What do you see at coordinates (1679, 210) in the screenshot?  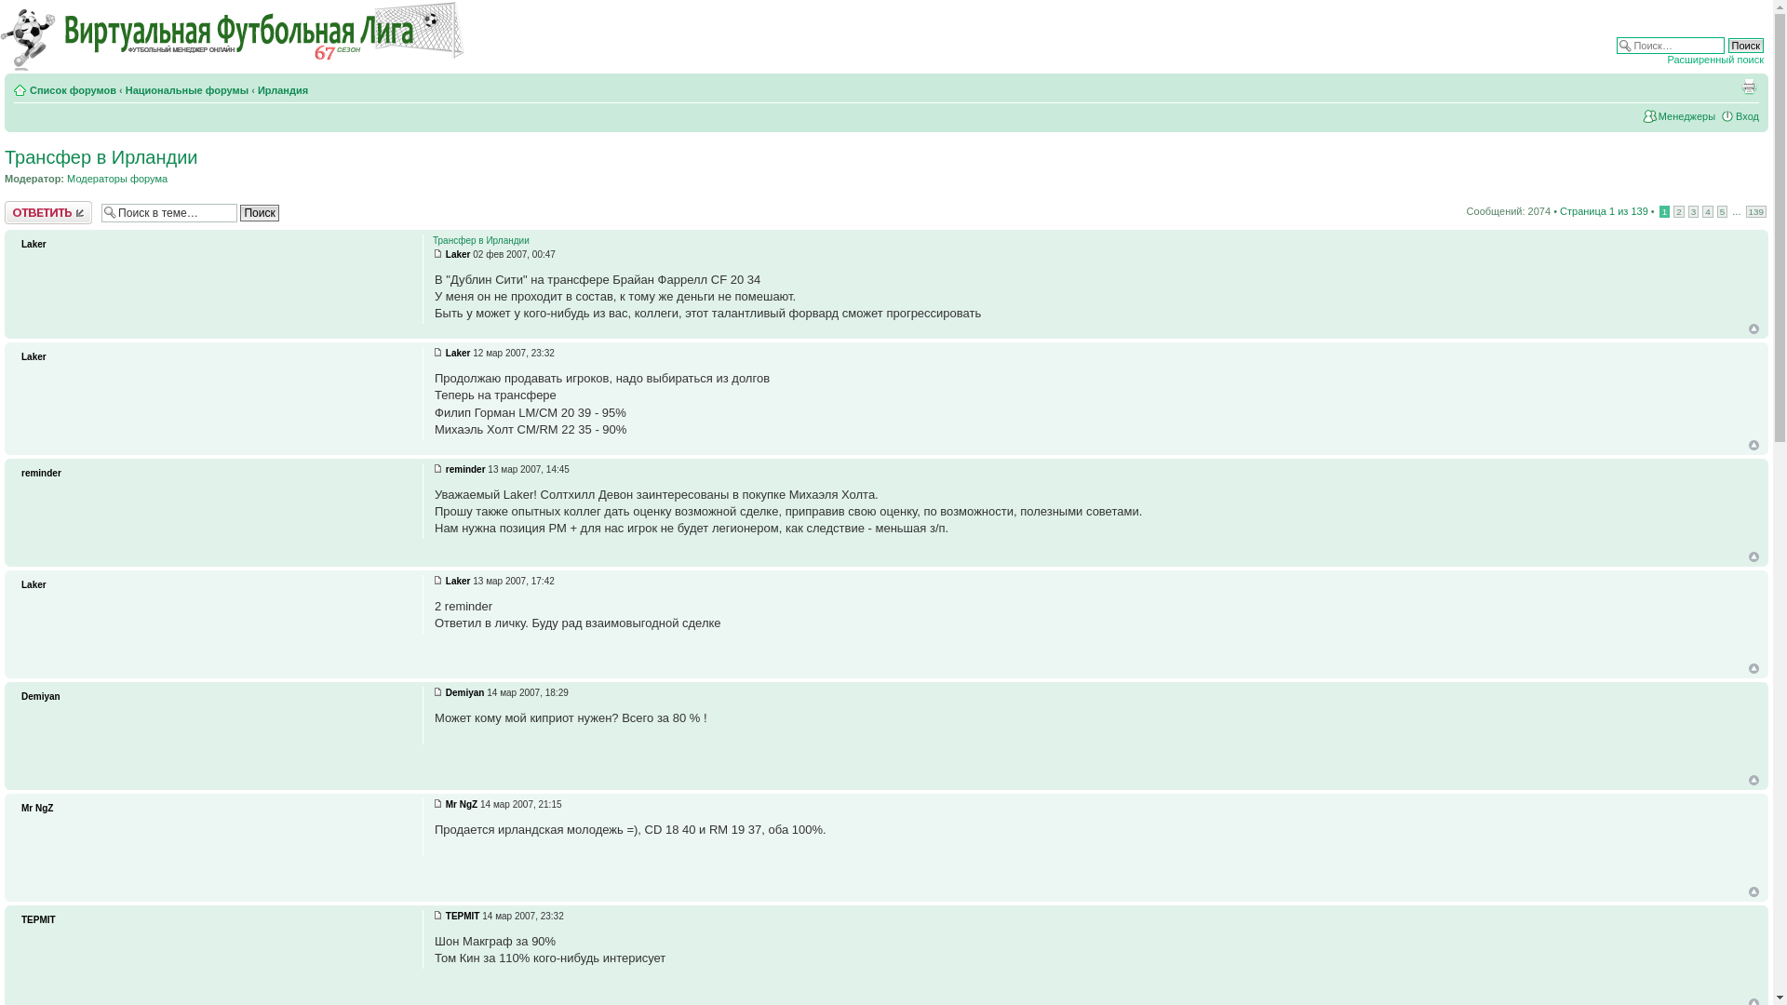 I see `'2'` at bounding box center [1679, 210].